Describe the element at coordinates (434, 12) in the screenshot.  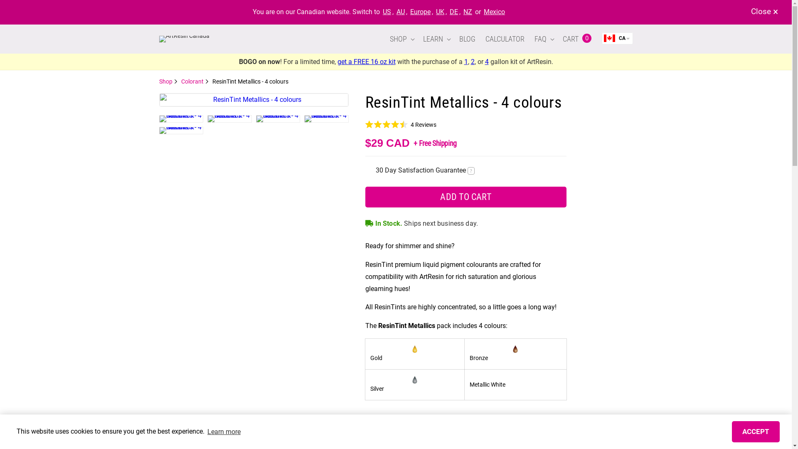
I see `'UK'` at that location.